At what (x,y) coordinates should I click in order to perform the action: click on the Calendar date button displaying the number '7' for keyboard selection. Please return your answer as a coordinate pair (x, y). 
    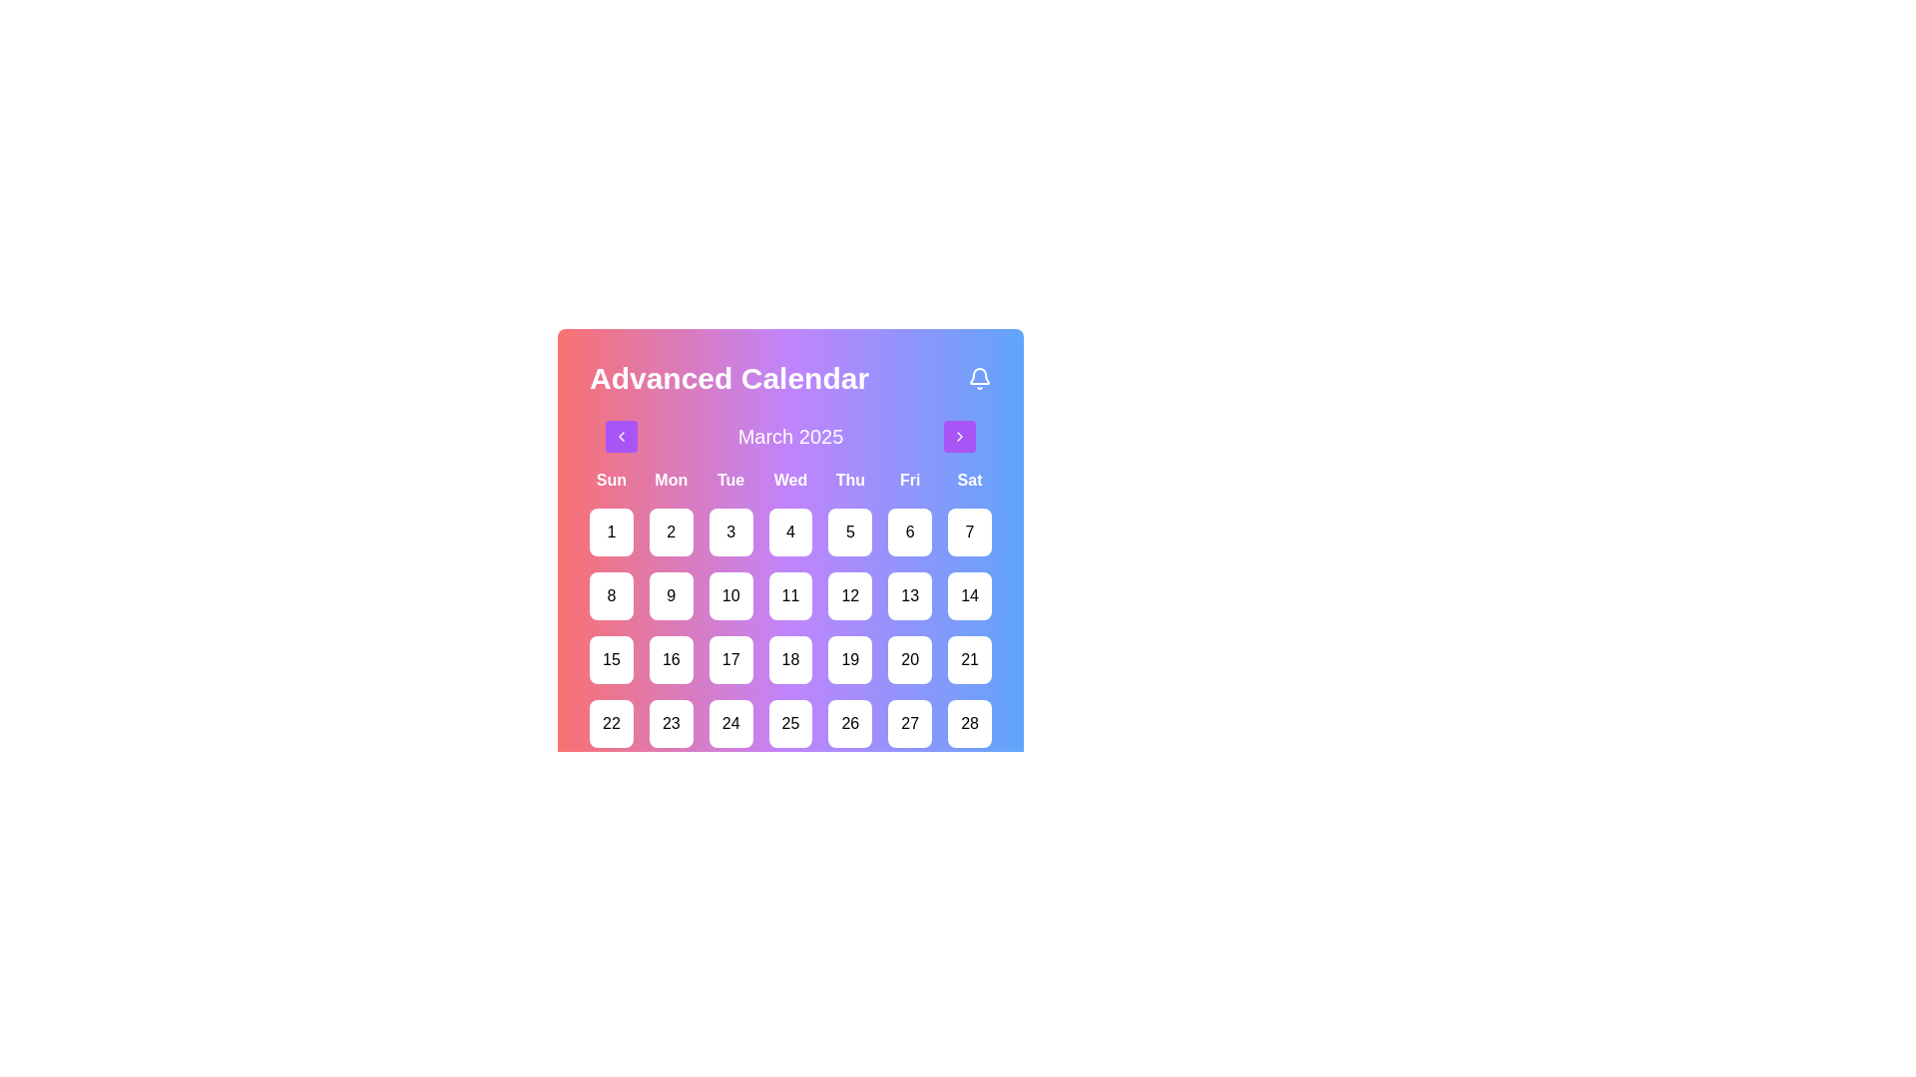
    Looking at the image, I should click on (970, 531).